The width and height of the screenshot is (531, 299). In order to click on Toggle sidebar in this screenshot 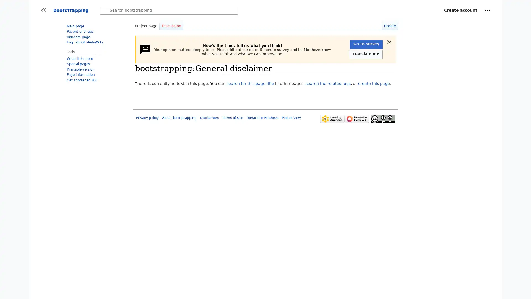, I will do `click(43, 10)`.